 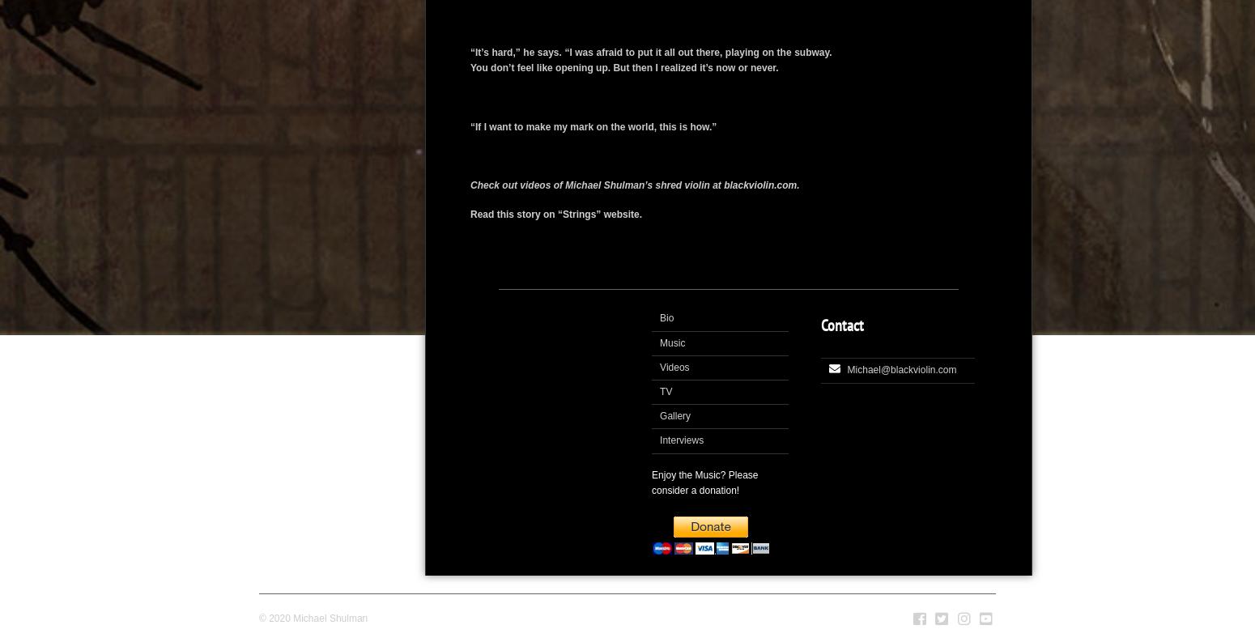 What do you see at coordinates (313, 618) in the screenshot?
I see `'© 2020 Michael Shulman'` at bounding box center [313, 618].